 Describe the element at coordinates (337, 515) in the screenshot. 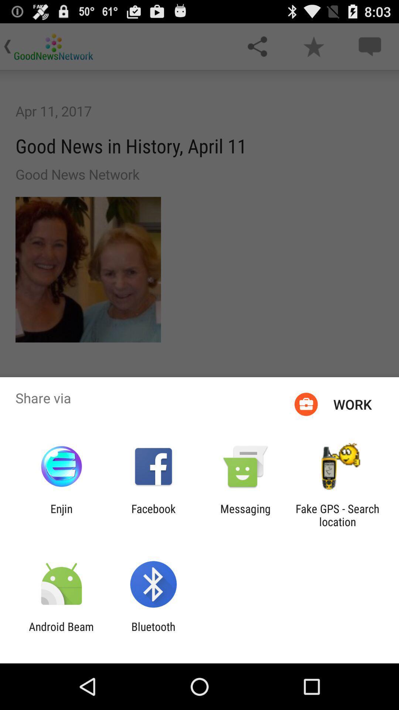

I see `the icon at the bottom right corner` at that location.